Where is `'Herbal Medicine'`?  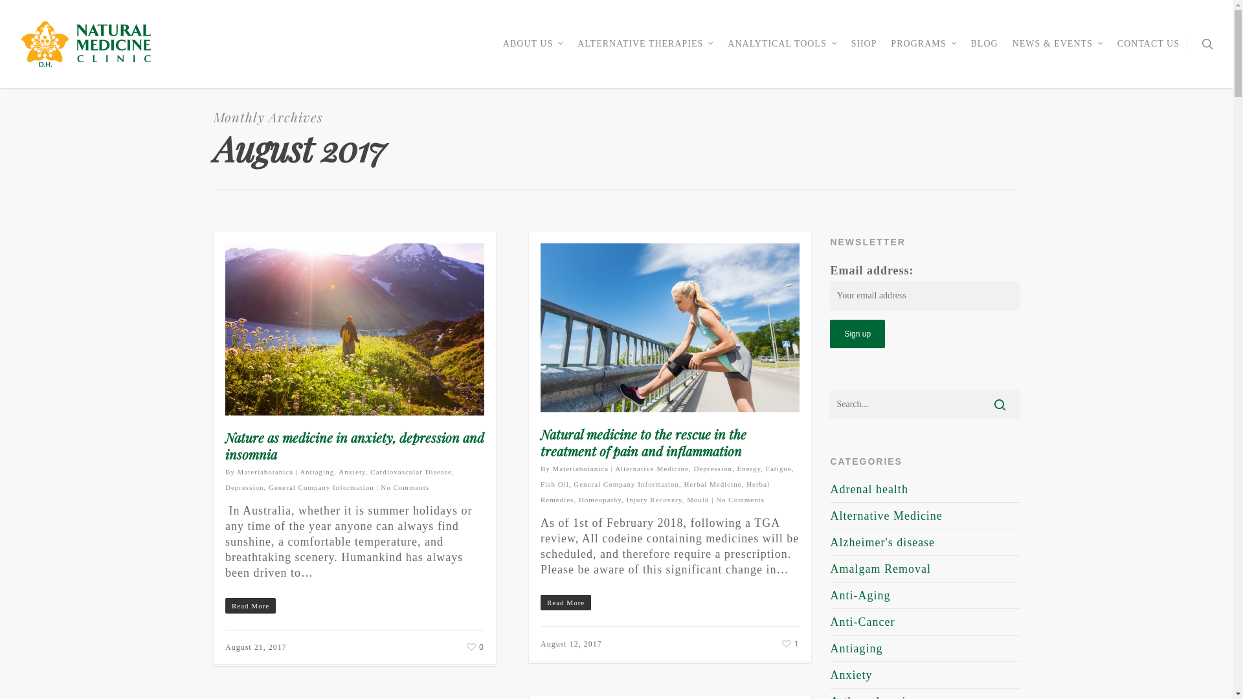
'Herbal Medicine' is located at coordinates (683, 484).